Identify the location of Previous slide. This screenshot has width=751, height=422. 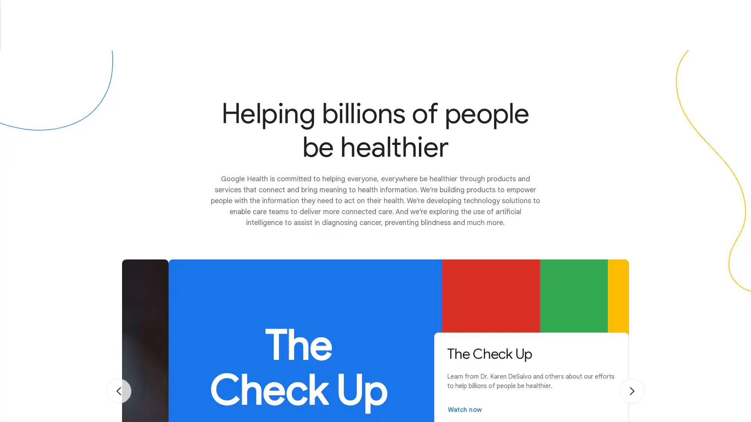
(118, 391).